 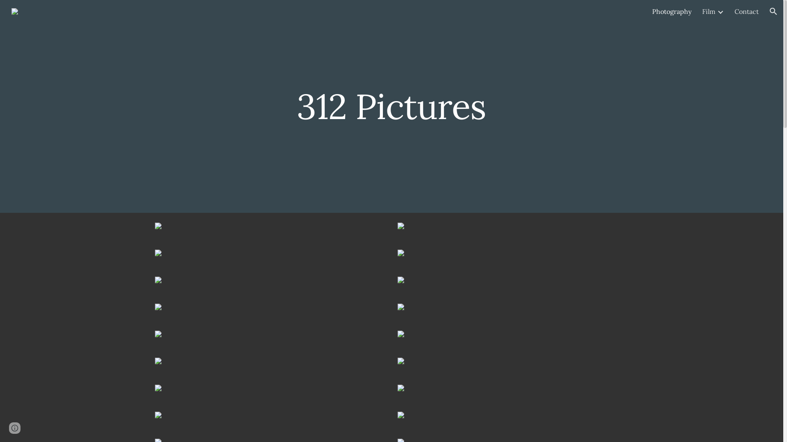 I want to click on 'Expand/Collapse', so click(x=719, y=11).